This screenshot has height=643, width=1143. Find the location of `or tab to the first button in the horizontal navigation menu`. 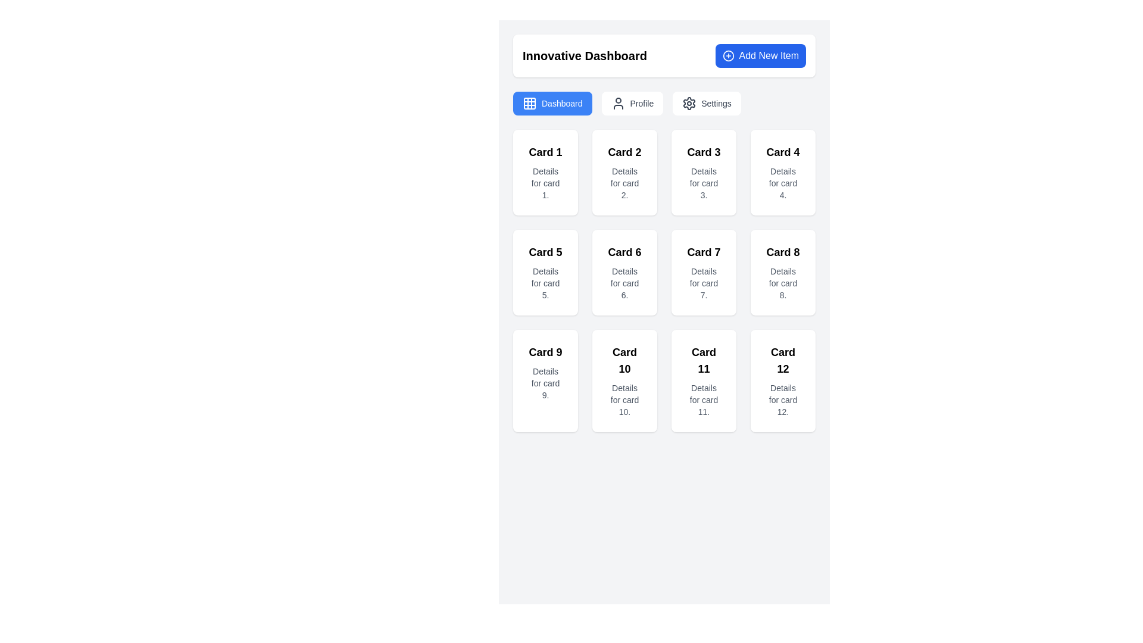

or tab to the first button in the horizontal navigation menu is located at coordinates (552, 102).